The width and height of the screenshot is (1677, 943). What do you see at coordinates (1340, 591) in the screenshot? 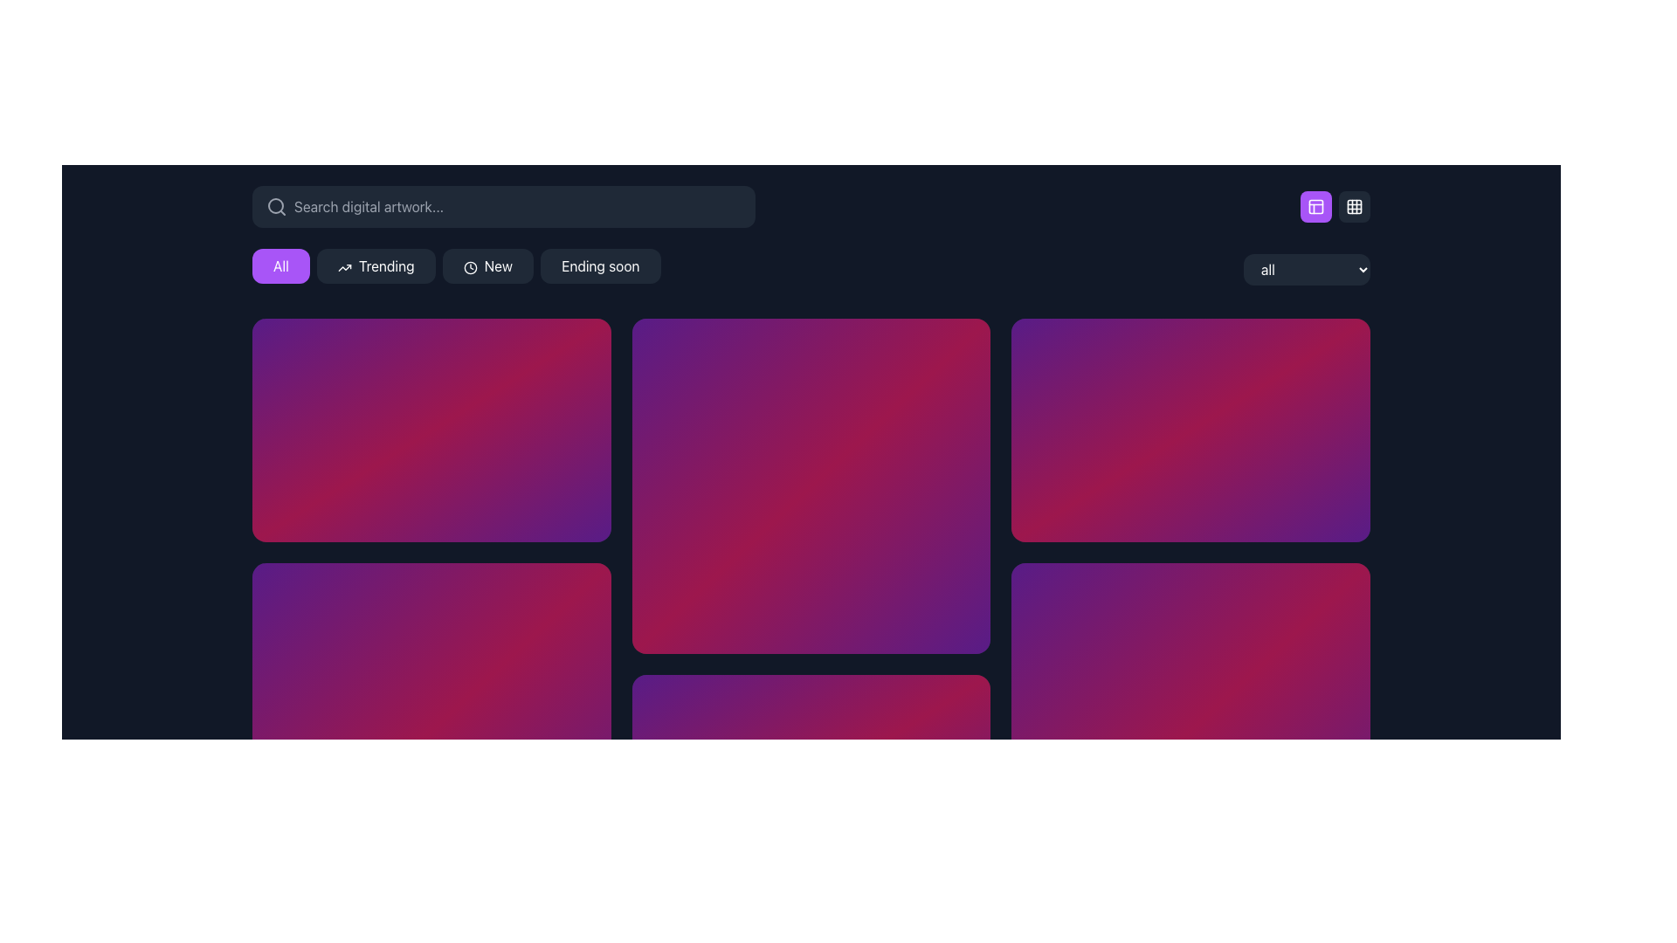
I see `the circular zoom-in button with a black semi-transparent background that contains a magnifying glass with a '+' symbol` at bounding box center [1340, 591].